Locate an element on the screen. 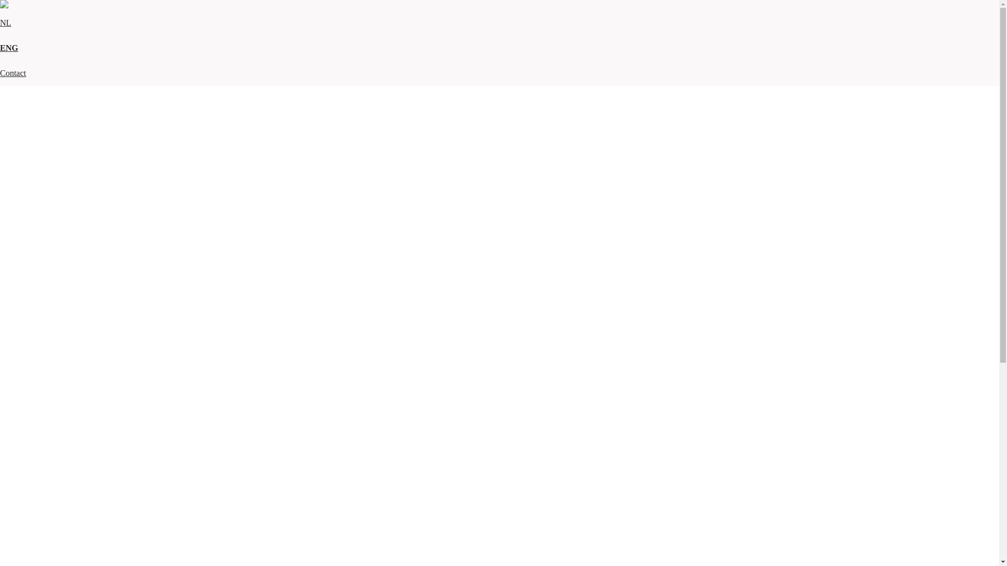 The image size is (1007, 566). 'NL' is located at coordinates (5, 23).